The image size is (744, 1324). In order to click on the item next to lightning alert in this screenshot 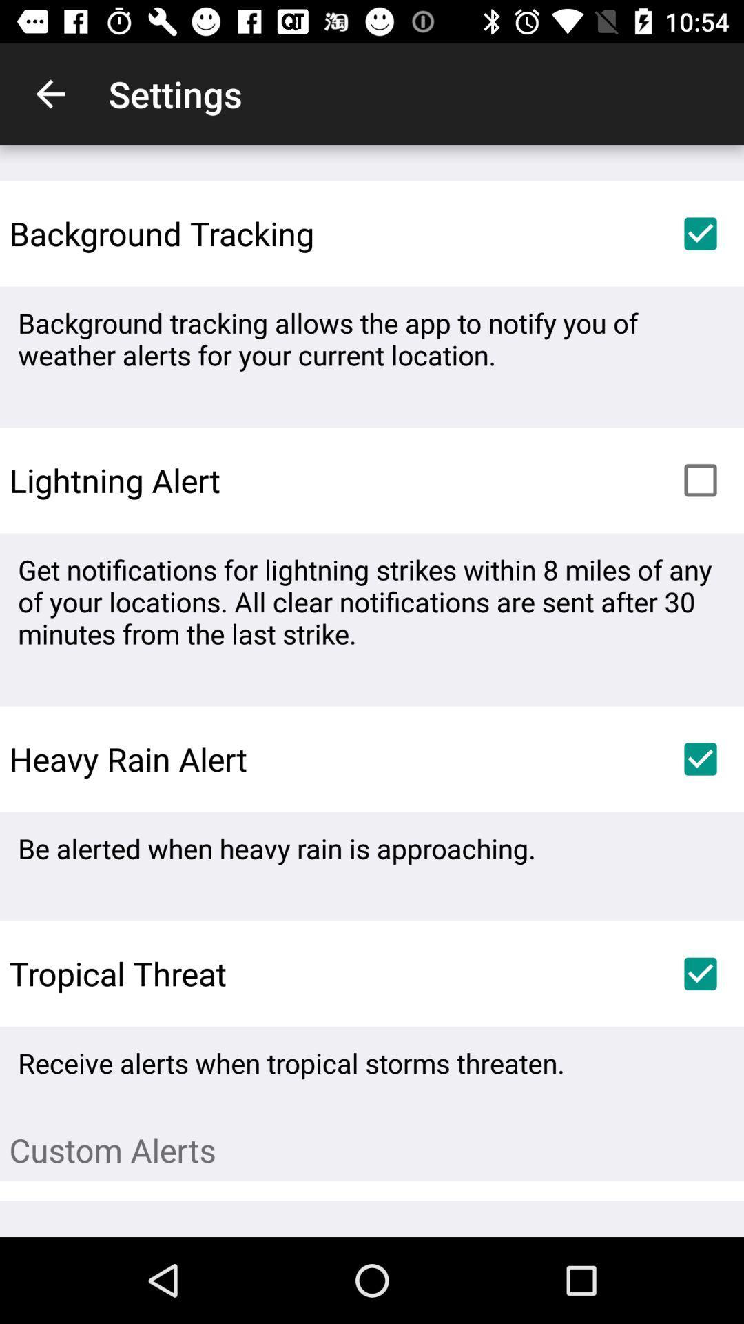, I will do `click(701, 480)`.